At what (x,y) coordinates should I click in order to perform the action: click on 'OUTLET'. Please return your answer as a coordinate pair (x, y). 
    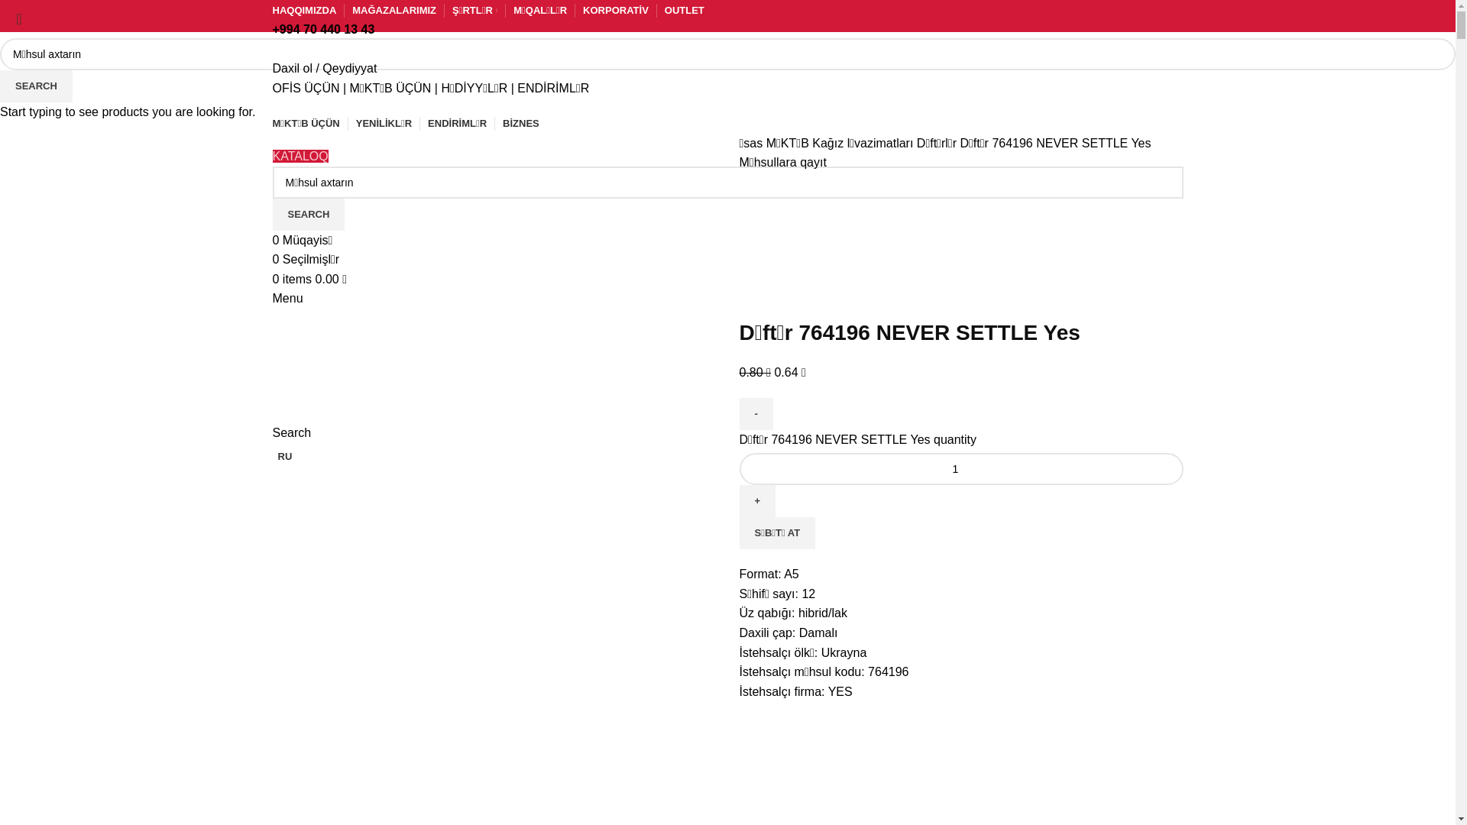
    Looking at the image, I should click on (684, 11).